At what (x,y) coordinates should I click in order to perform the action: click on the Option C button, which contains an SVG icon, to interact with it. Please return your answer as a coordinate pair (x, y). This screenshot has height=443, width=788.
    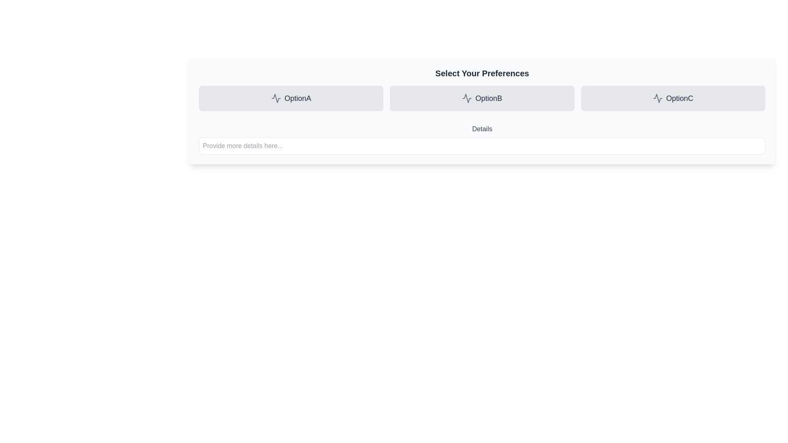
    Looking at the image, I should click on (658, 98).